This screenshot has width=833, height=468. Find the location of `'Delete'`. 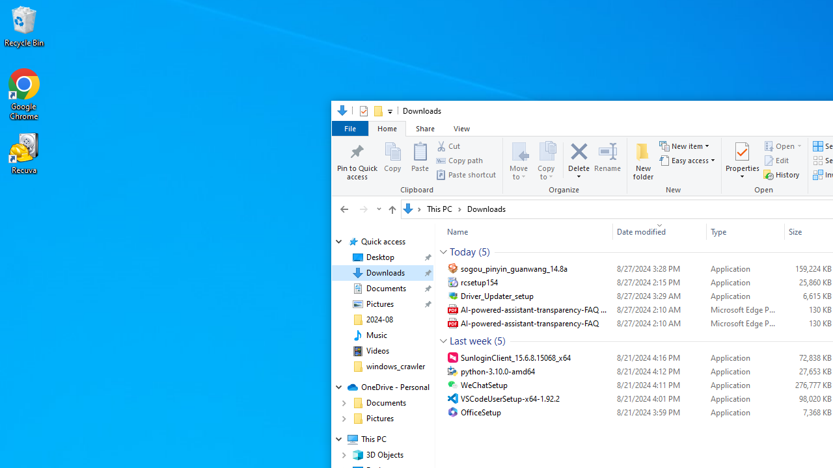

'Delete' is located at coordinates (579, 172).